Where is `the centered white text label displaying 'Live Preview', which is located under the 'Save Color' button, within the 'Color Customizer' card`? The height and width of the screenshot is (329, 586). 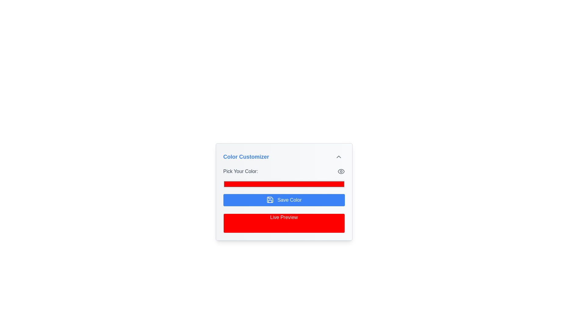
the centered white text label displaying 'Live Preview', which is located under the 'Save Color' button, within the 'Color Customizer' card is located at coordinates (284, 217).